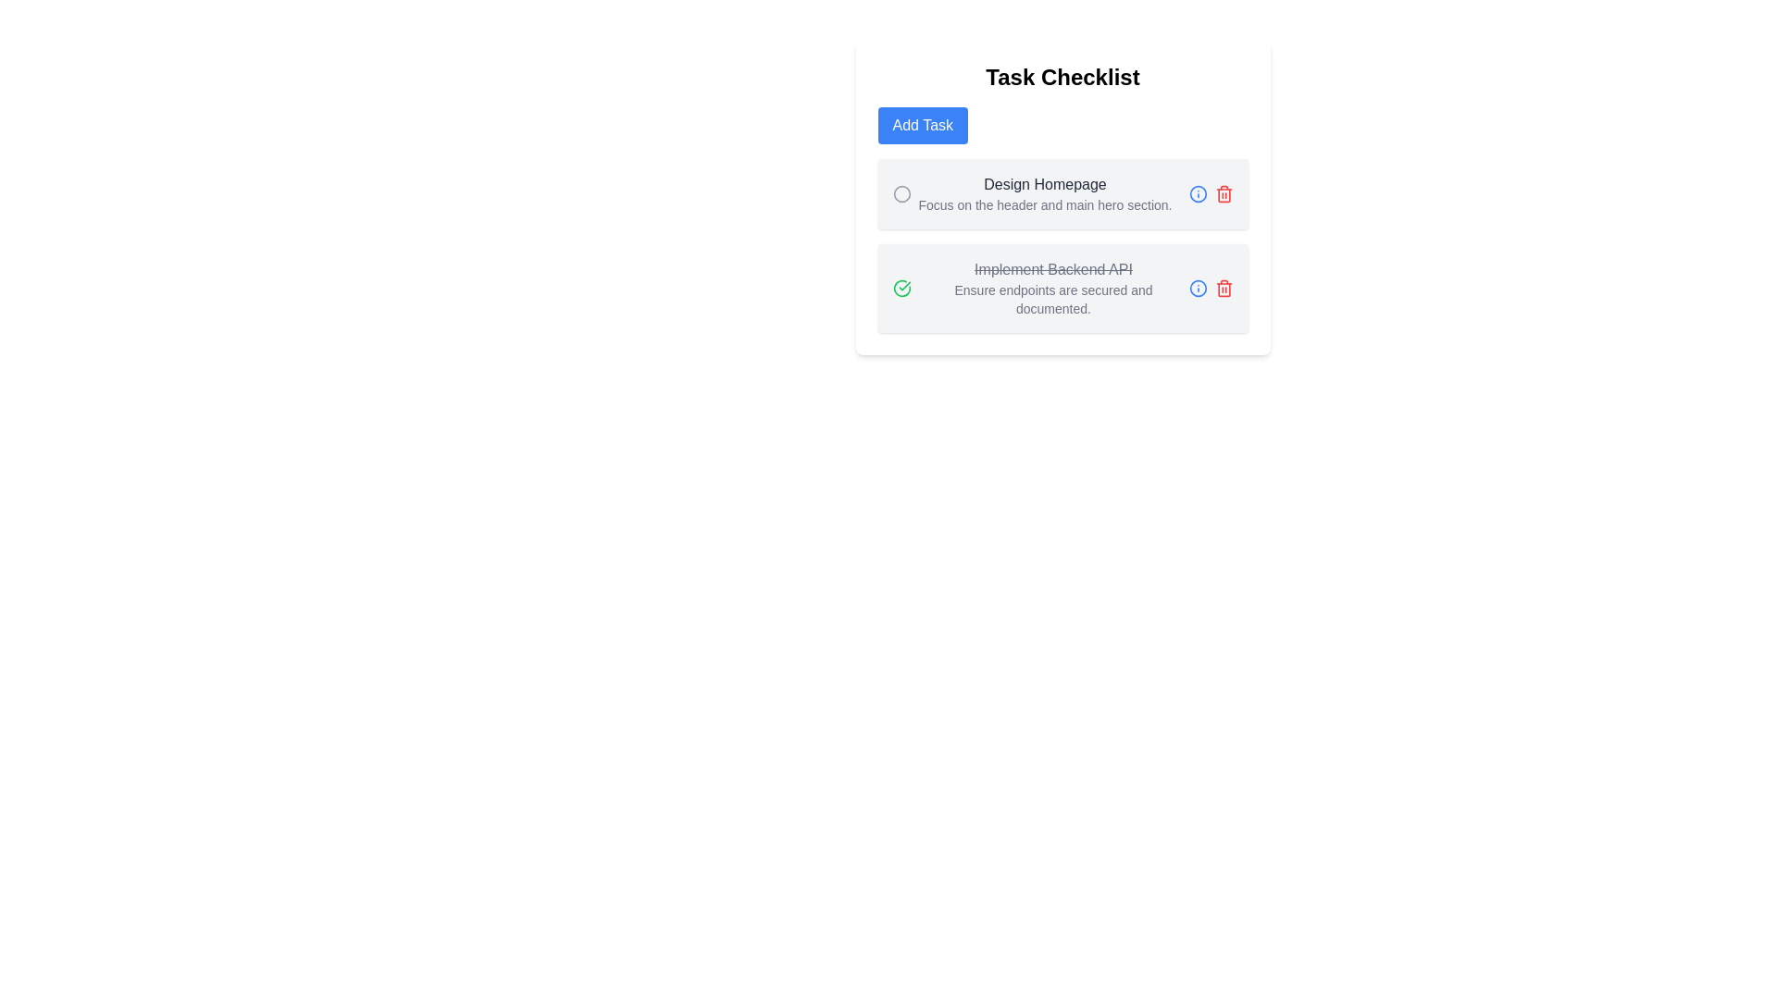  What do you see at coordinates (901, 289) in the screenshot?
I see `the green checkmark icon representing task completion` at bounding box center [901, 289].